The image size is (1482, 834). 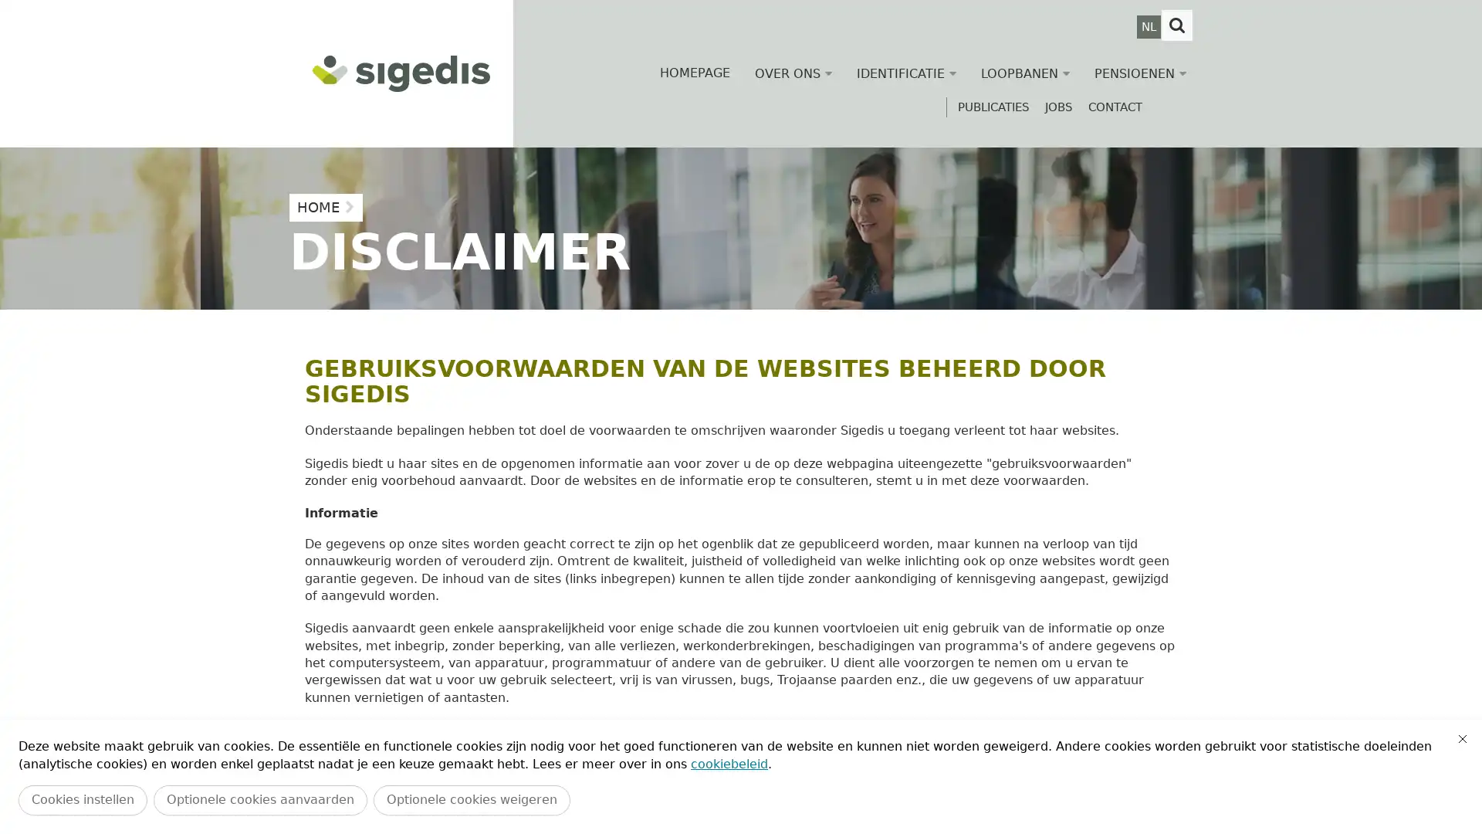 I want to click on Search, so click(x=1176, y=25).